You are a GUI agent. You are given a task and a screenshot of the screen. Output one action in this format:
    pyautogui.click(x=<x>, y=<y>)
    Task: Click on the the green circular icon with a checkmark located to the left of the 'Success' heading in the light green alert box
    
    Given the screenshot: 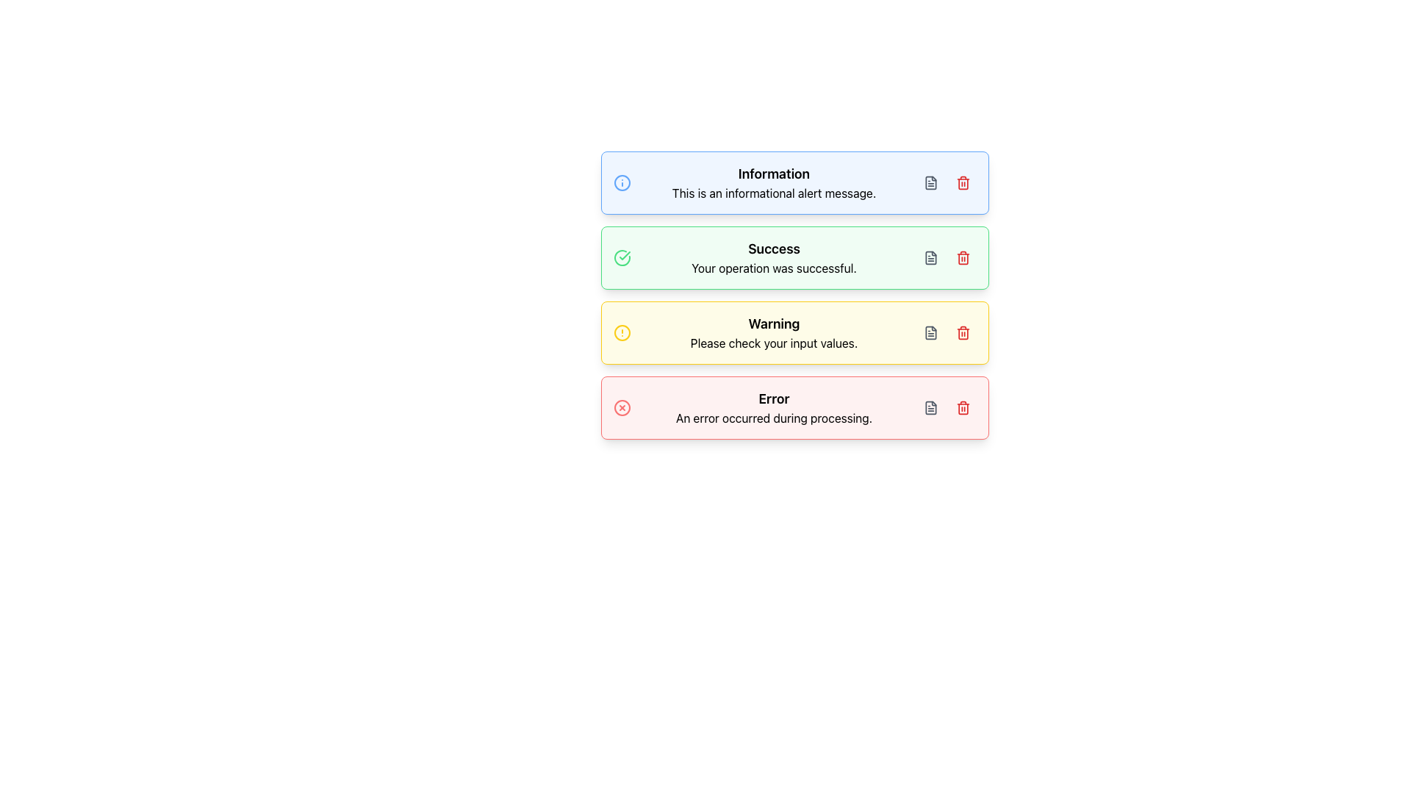 What is the action you would take?
    pyautogui.click(x=622, y=257)
    